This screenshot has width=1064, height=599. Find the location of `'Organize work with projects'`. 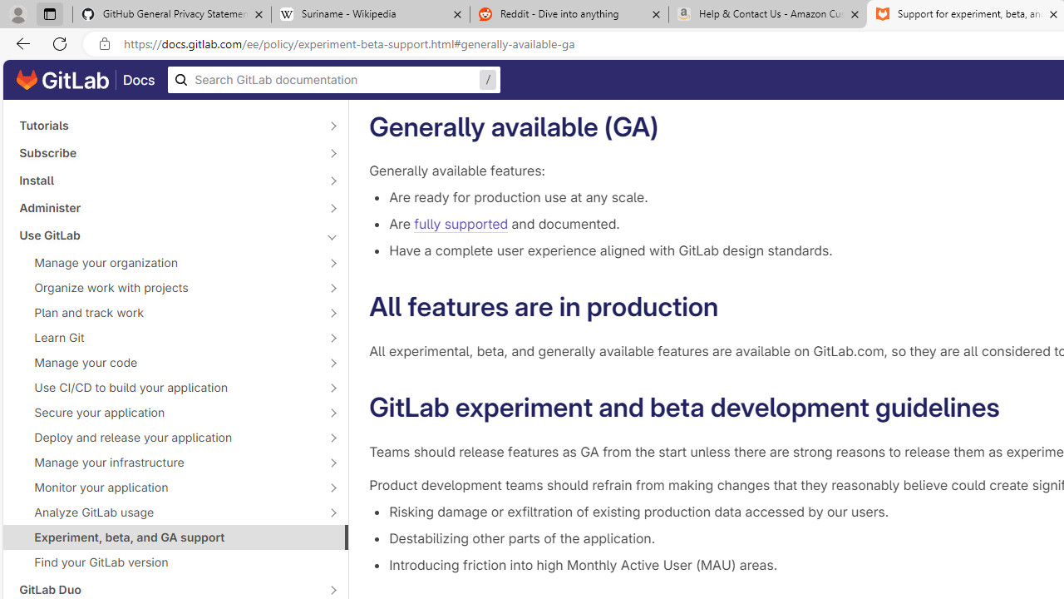

'Organize work with projects' is located at coordinates (166, 286).